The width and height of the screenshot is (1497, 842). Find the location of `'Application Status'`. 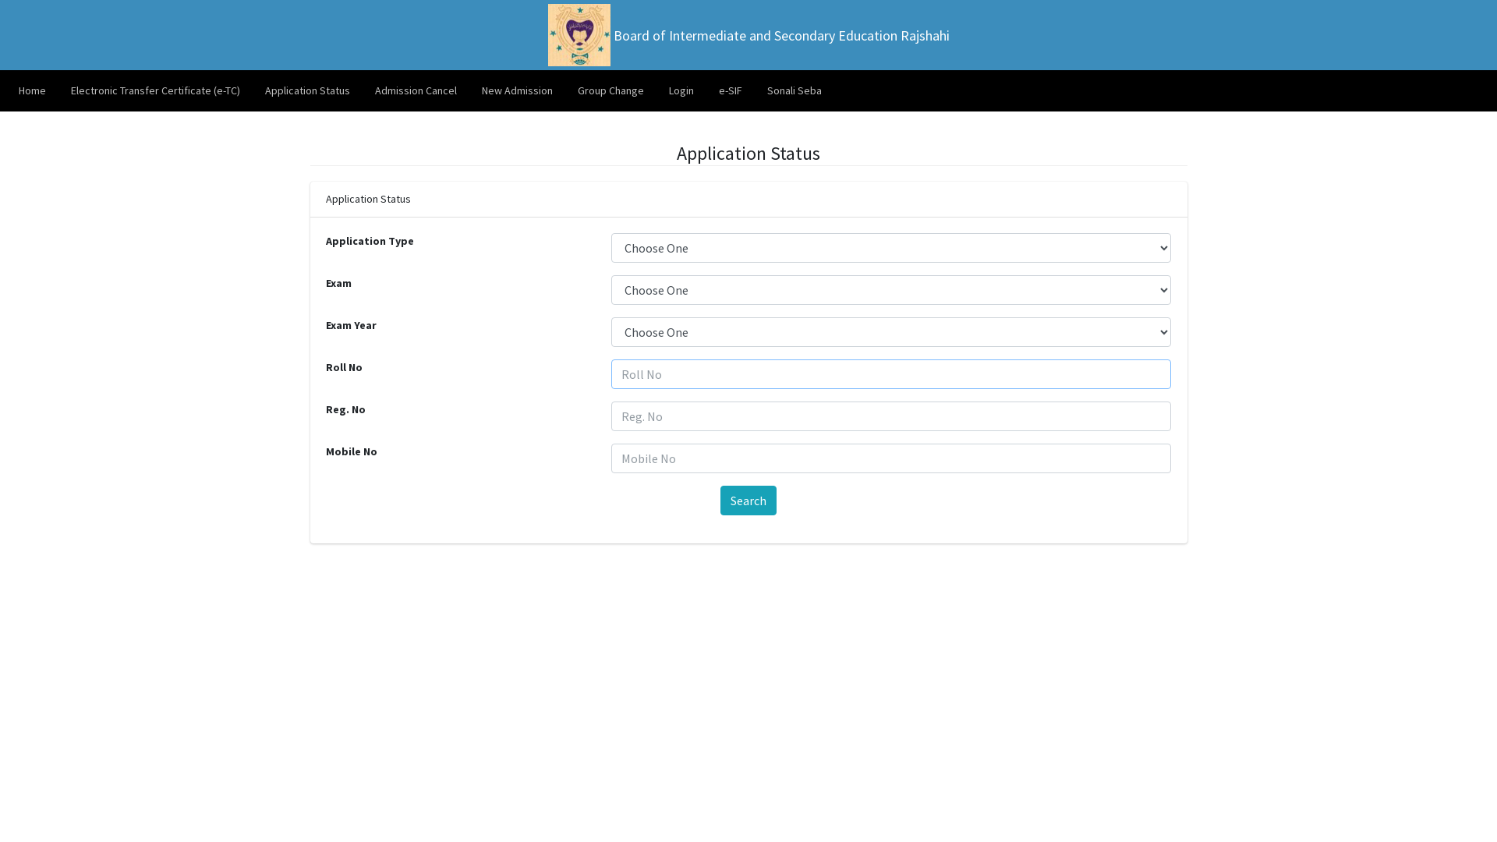

'Application Status' is located at coordinates (307, 90).